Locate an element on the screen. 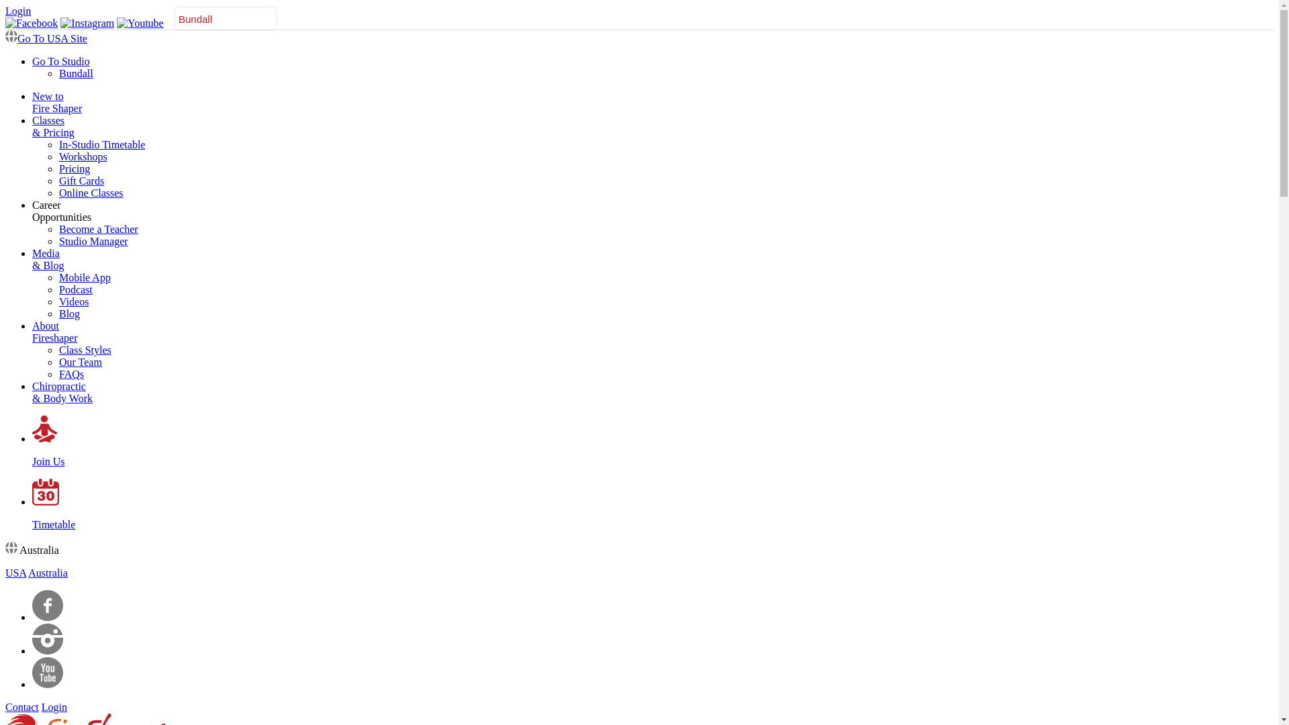 The height and width of the screenshot is (725, 1289). 'Login' is located at coordinates (54, 706).